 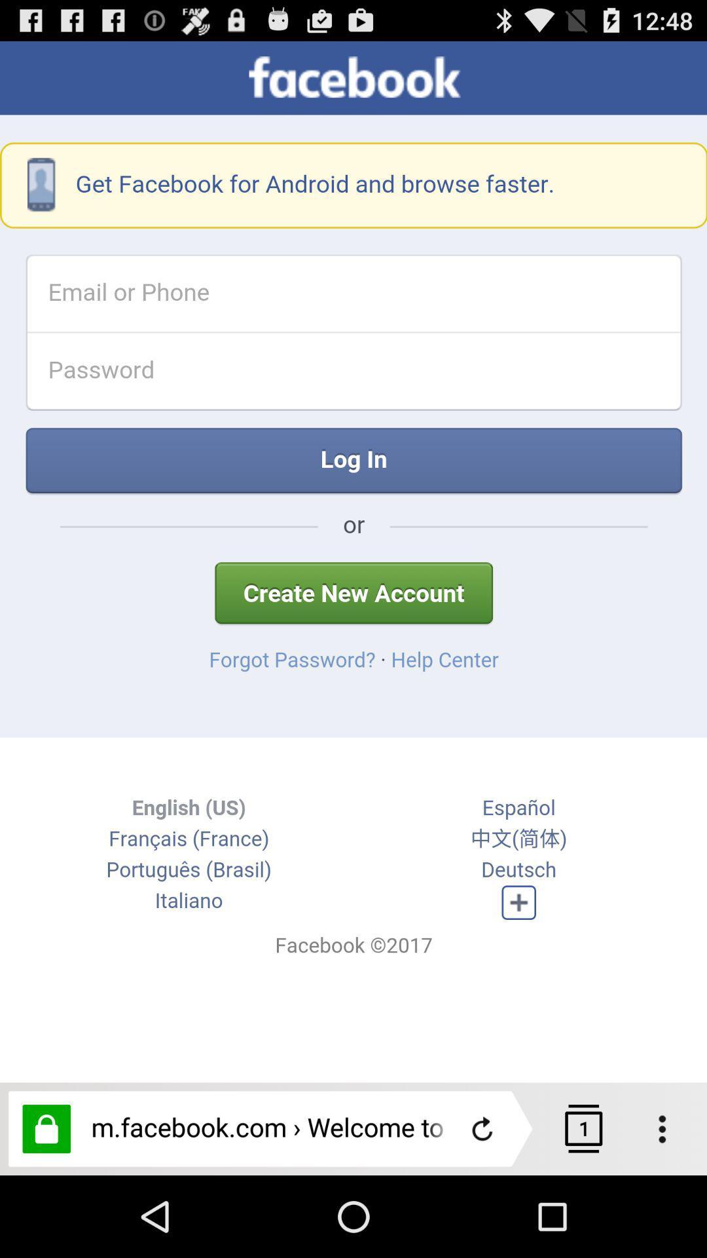 What do you see at coordinates (670, 1208) in the screenshot?
I see `the more icon` at bounding box center [670, 1208].